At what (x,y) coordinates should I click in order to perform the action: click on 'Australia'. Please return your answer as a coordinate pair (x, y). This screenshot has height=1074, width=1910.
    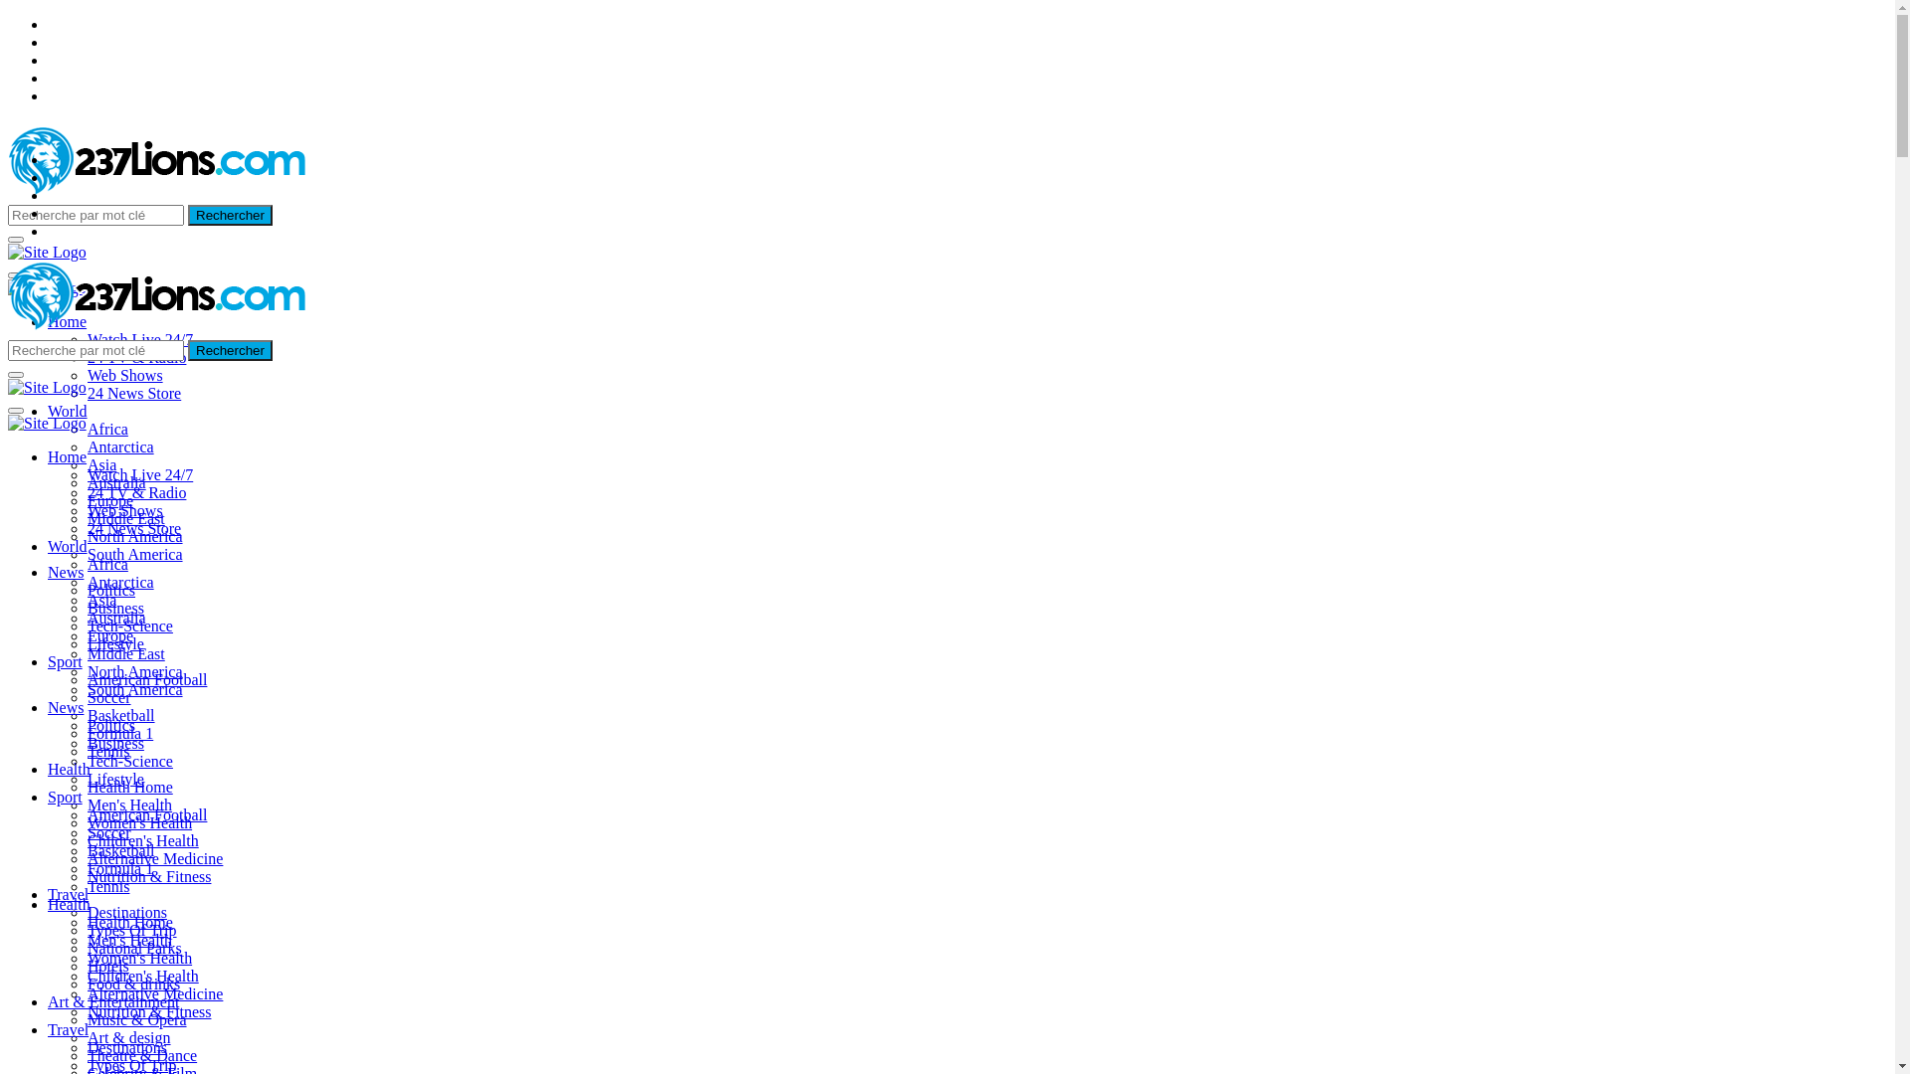
    Looking at the image, I should click on (115, 617).